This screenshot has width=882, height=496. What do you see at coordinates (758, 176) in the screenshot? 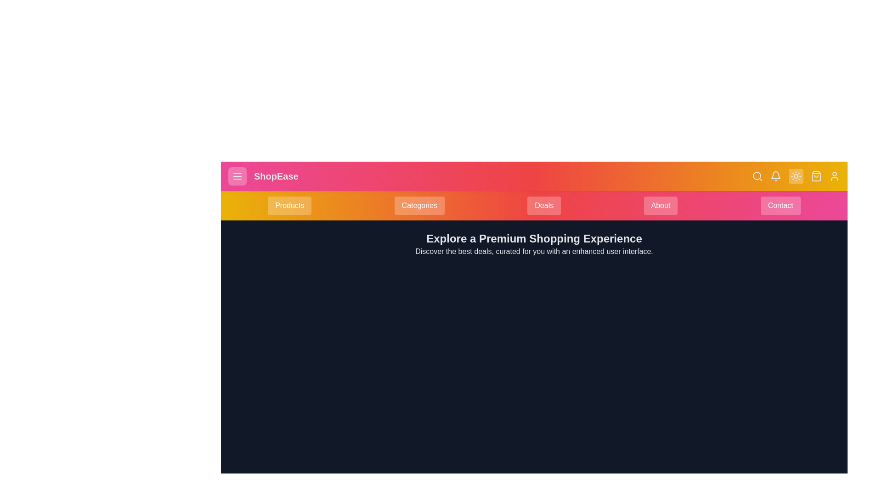
I see `the search icon to initiate a search action` at bounding box center [758, 176].